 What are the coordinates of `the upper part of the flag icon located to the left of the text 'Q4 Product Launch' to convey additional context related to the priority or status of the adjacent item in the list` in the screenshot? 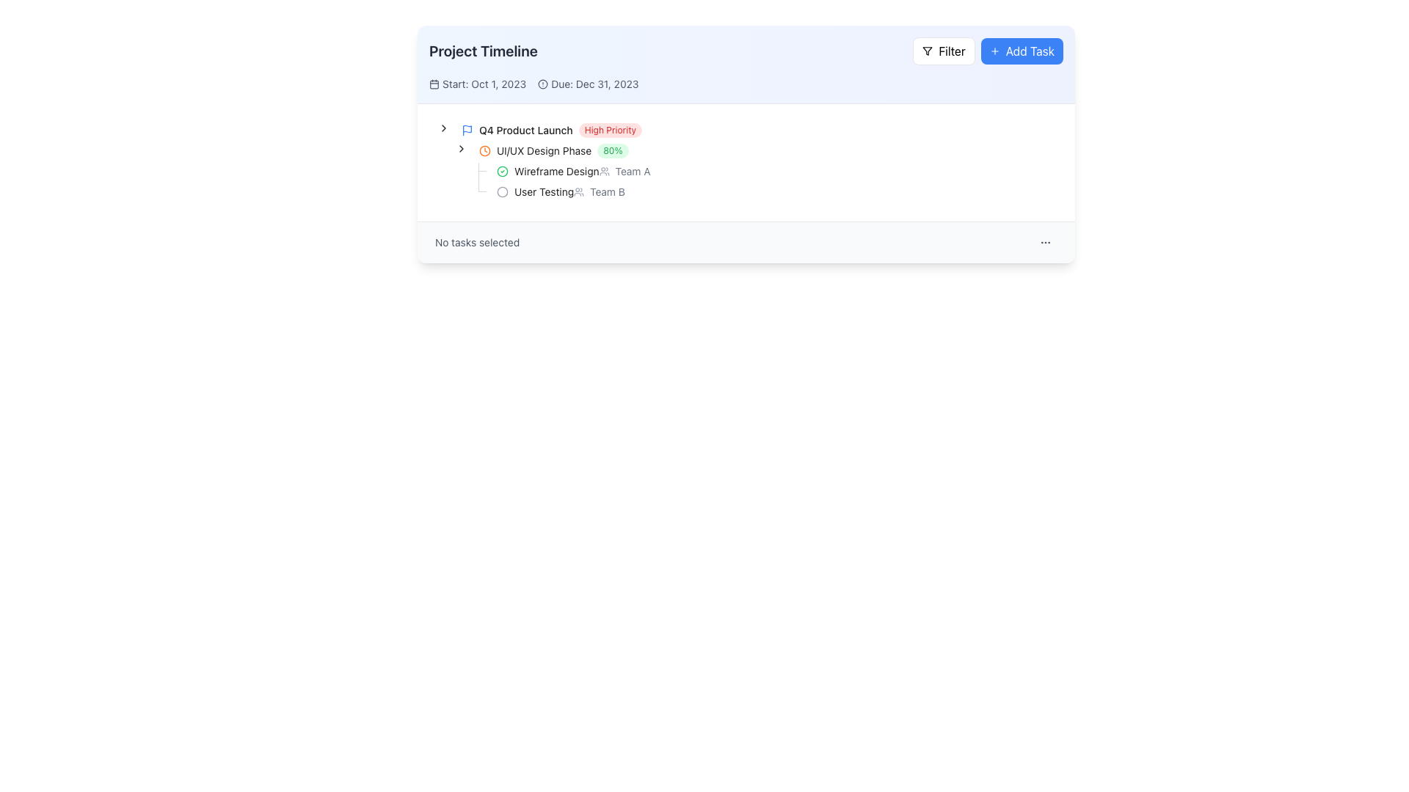 It's located at (467, 128).